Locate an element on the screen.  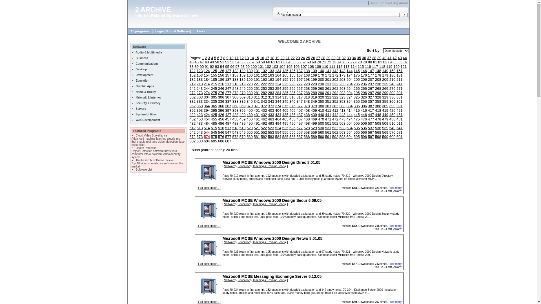
'200' is located at coordinates (321, 79).